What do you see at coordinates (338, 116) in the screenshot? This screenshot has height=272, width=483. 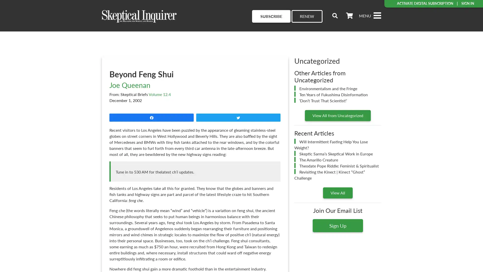 I see `View All from Uncategorized` at bounding box center [338, 116].